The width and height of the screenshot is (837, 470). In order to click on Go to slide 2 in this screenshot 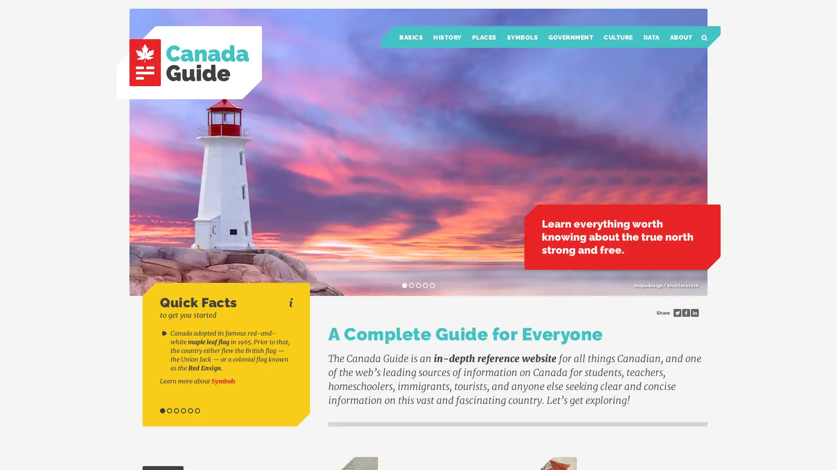, I will do `click(169, 411)`.